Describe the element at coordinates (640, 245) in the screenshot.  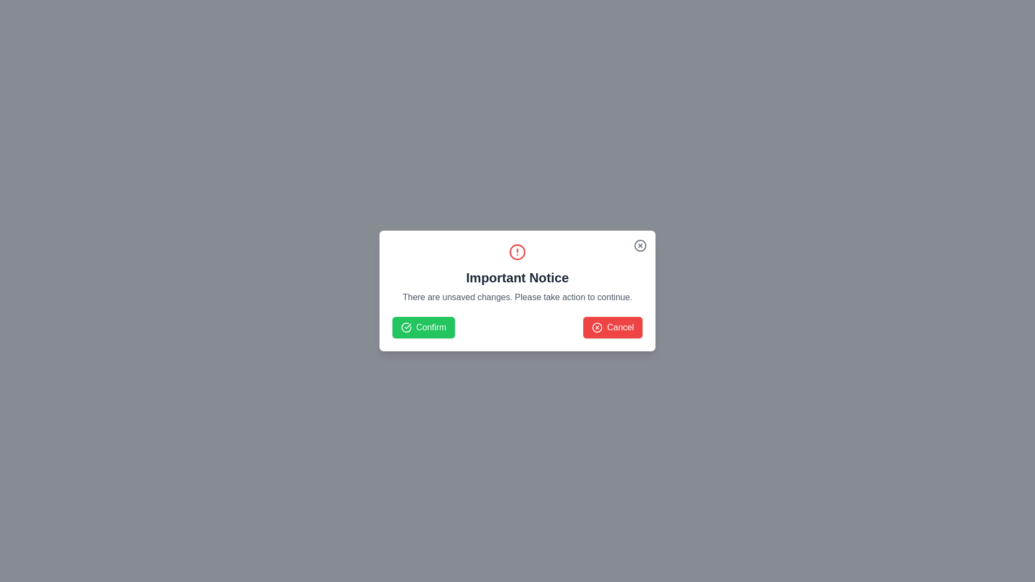
I see `the close button located at the top-right corner of the 'Important Notice' dialog box` at that location.